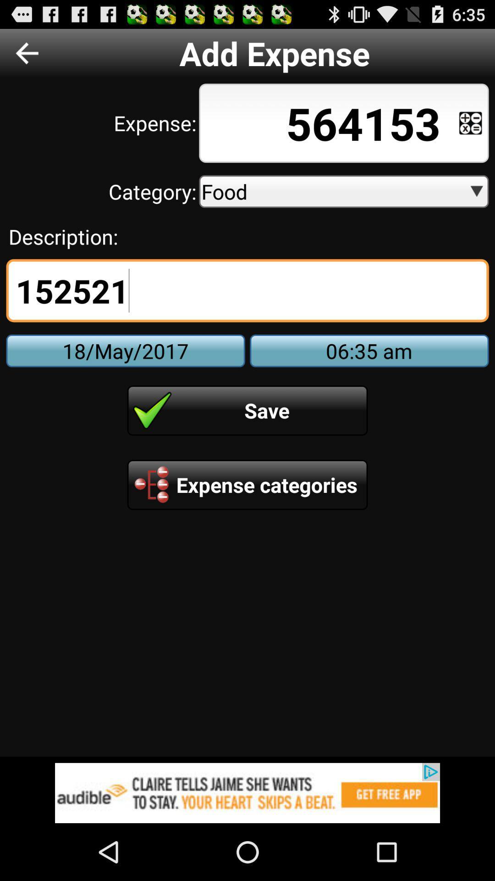 The image size is (495, 881). Describe the element at coordinates (470, 123) in the screenshot. I see `menu` at that location.